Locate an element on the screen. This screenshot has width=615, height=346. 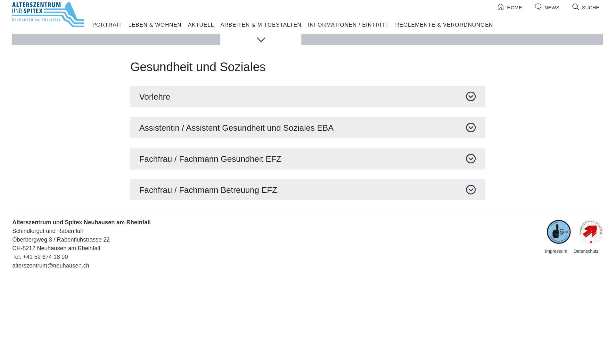
'Impressum' is located at coordinates (545, 251).